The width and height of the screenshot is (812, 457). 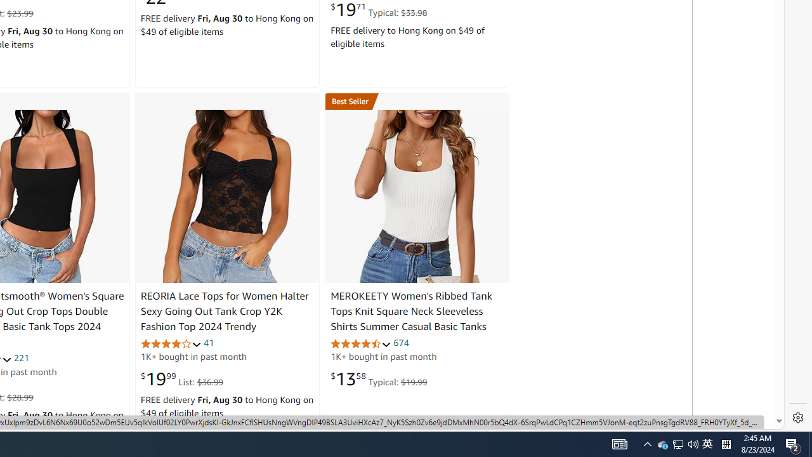 I want to click on '$13.58 Typical: $19.99', so click(x=378, y=378).